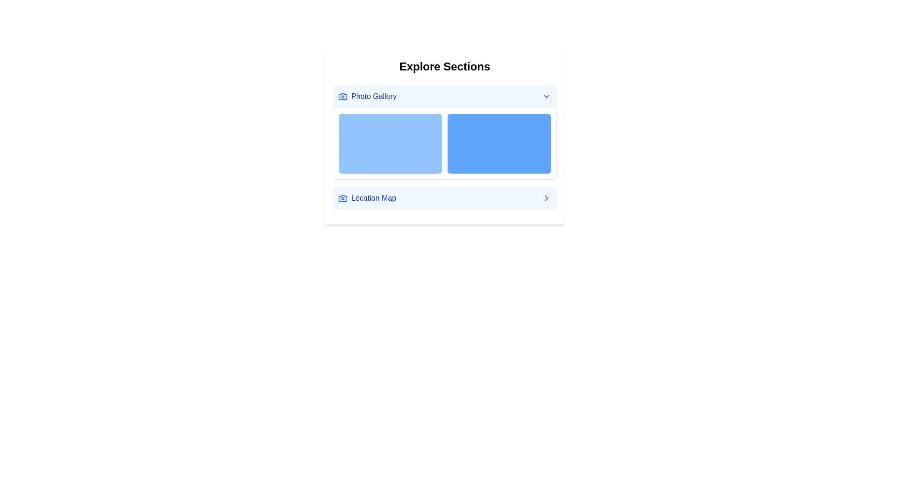  I want to click on the text label that serves as a heading or title for the section, which is positioned centrally at the top of the section, so click(444, 66).